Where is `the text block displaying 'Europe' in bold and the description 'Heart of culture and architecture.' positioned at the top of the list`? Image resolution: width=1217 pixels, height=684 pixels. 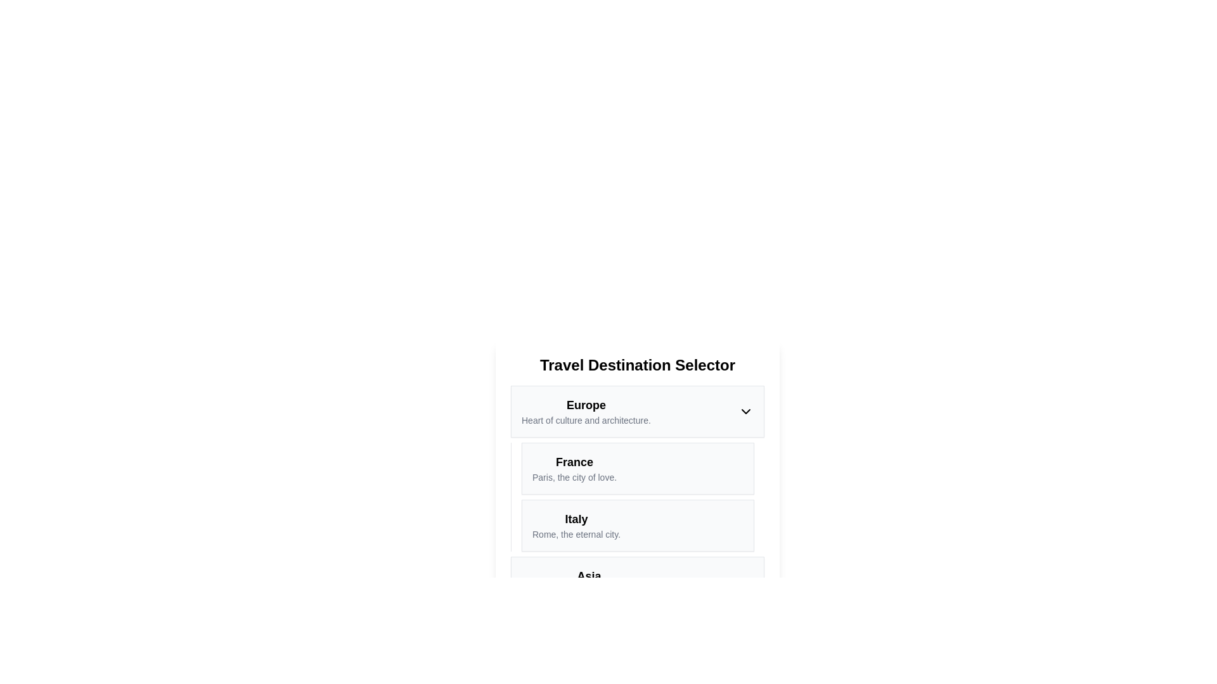
the text block displaying 'Europe' in bold and the description 'Heart of culture and architecture.' positioned at the top of the list is located at coordinates (585, 412).